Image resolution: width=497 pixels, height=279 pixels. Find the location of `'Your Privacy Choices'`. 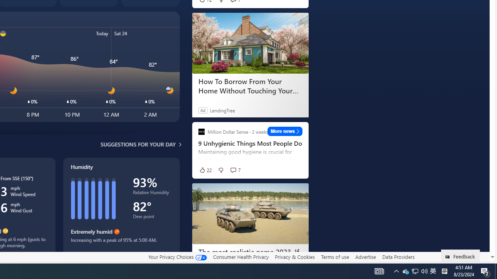

'Your Privacy Choices' is located at coordinates (177, 257).